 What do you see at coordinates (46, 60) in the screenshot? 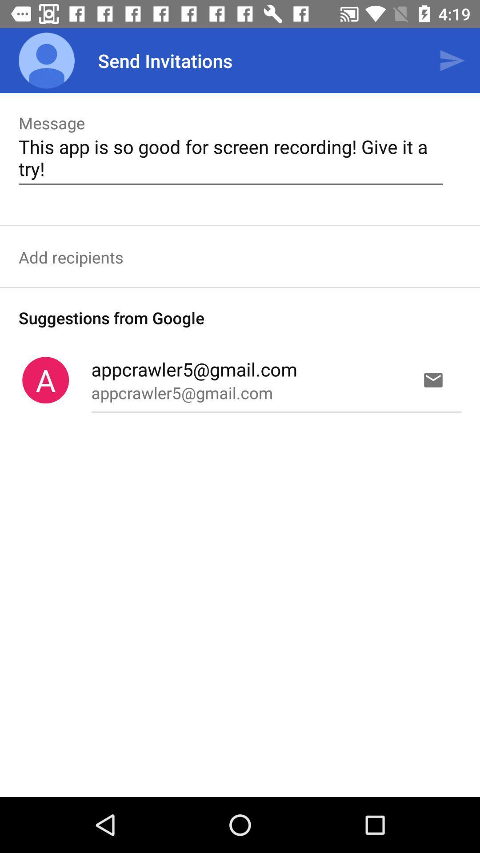
I see `the app to the left of send invitations item` at bounding box center [46, 60].